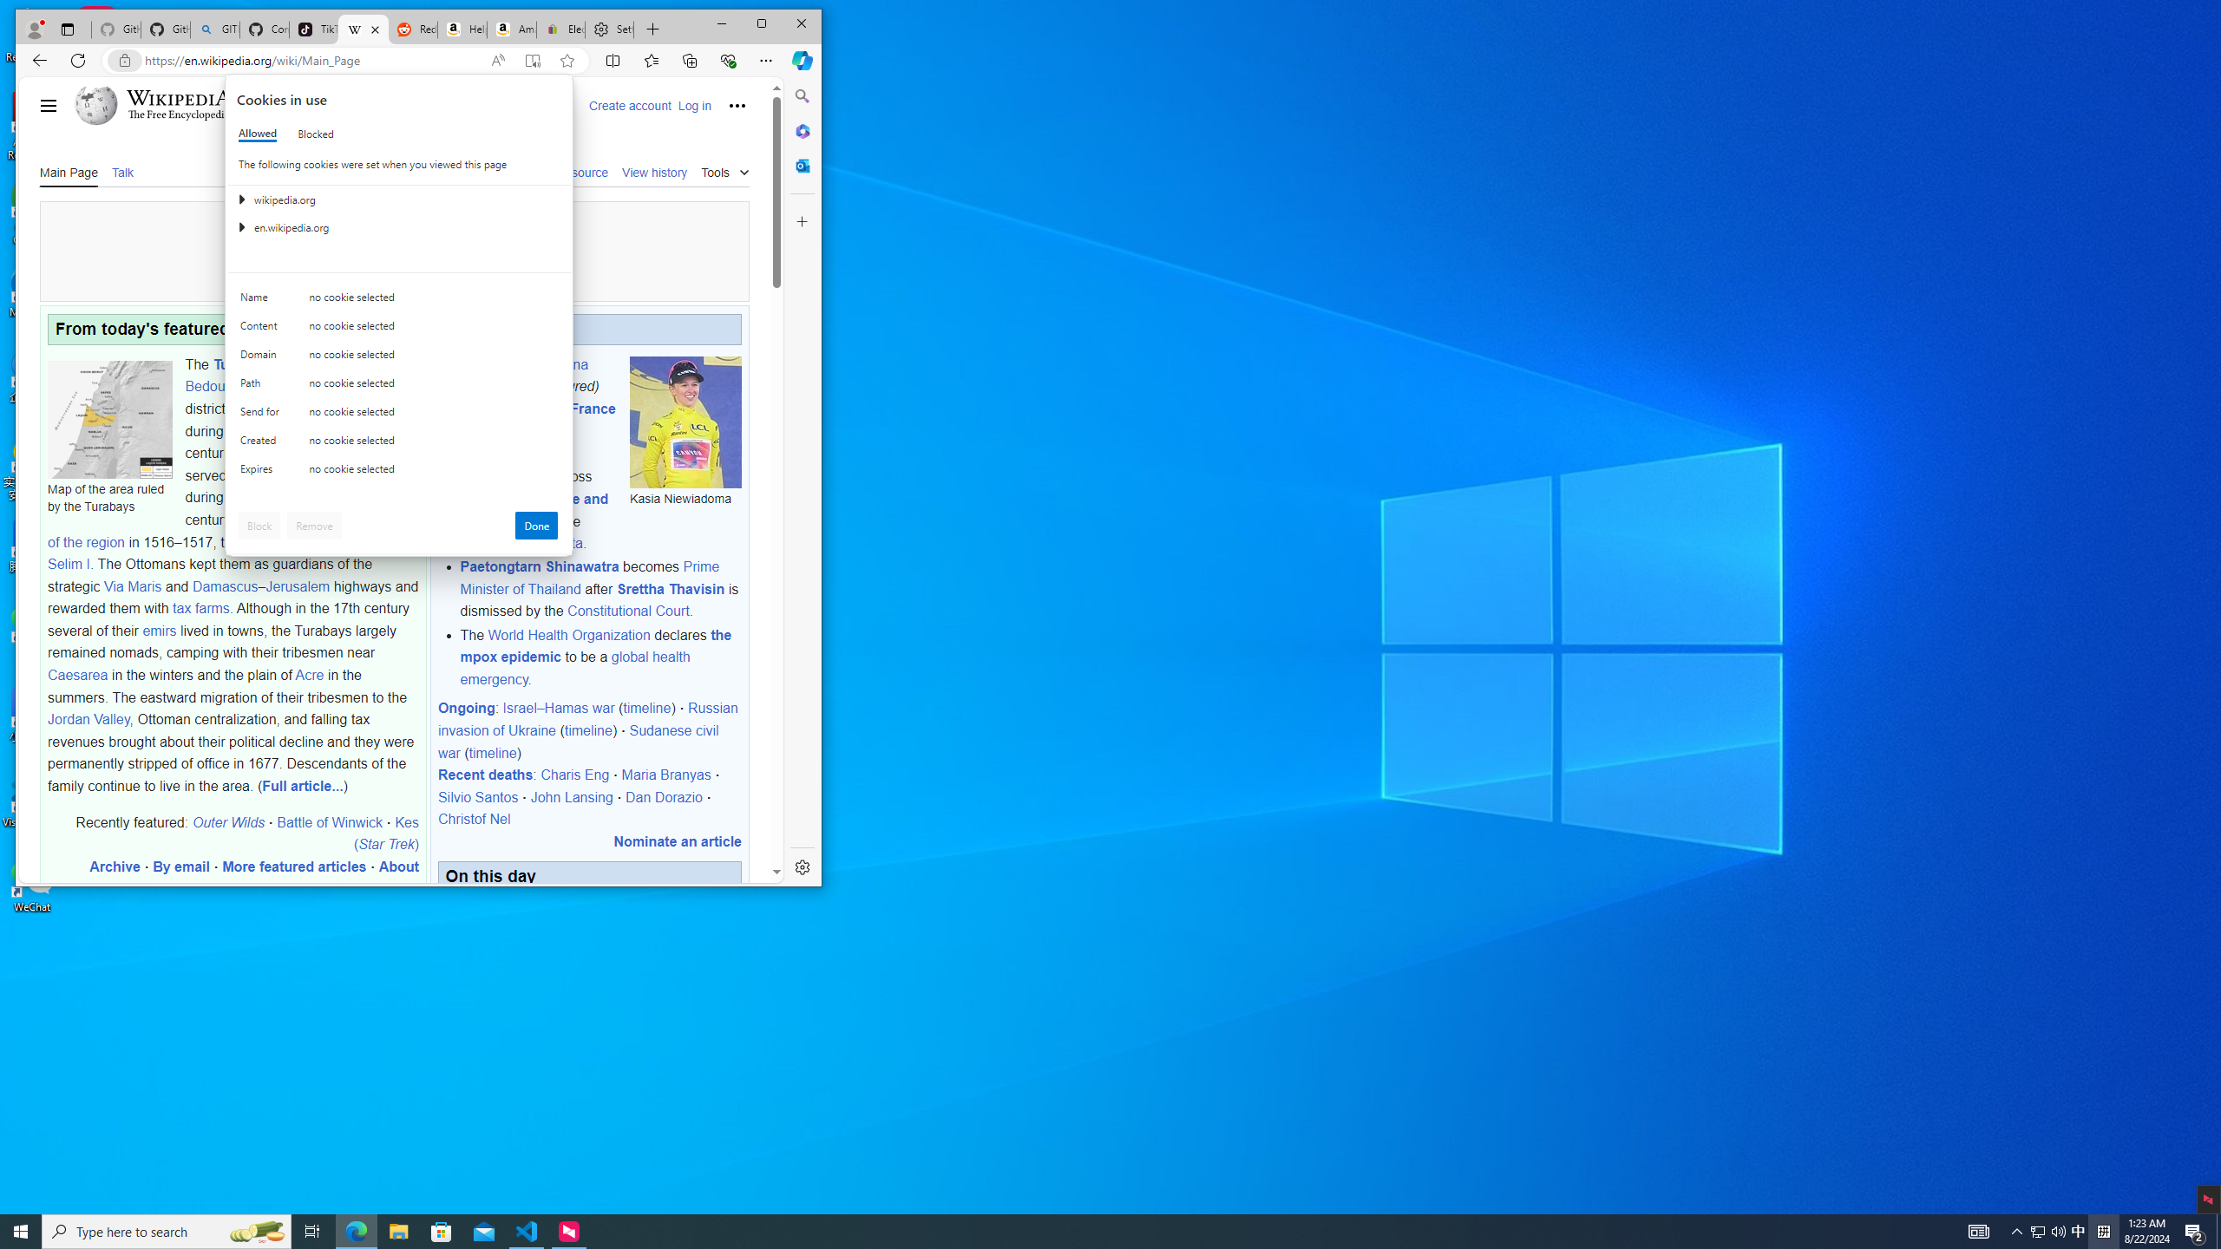 This screenshot has height=1249, width=2221. Describe the element at coordinates (21, 1230) in the screenshot. I see `'Start'` at that location.